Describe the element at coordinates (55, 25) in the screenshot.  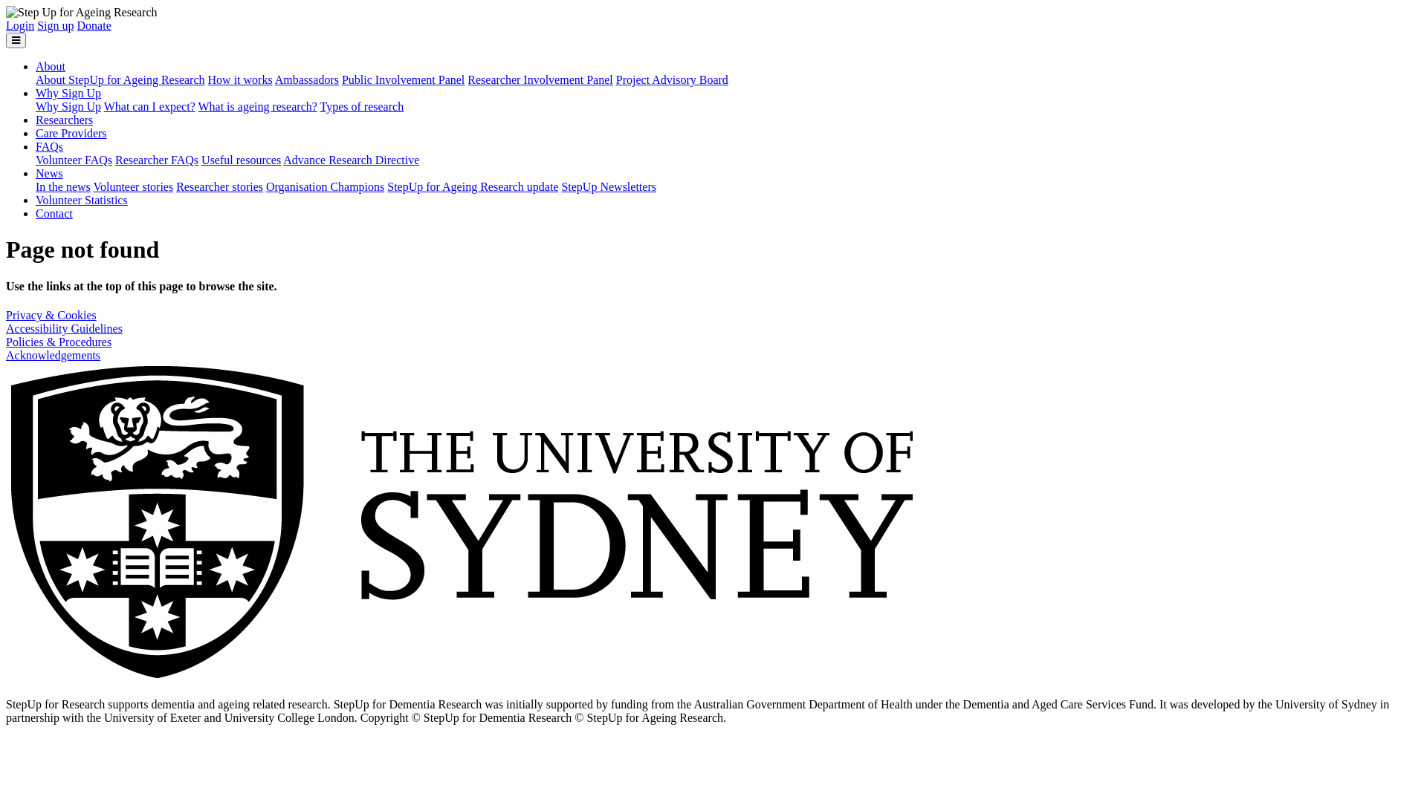
I see `'Sign up'` at that location.